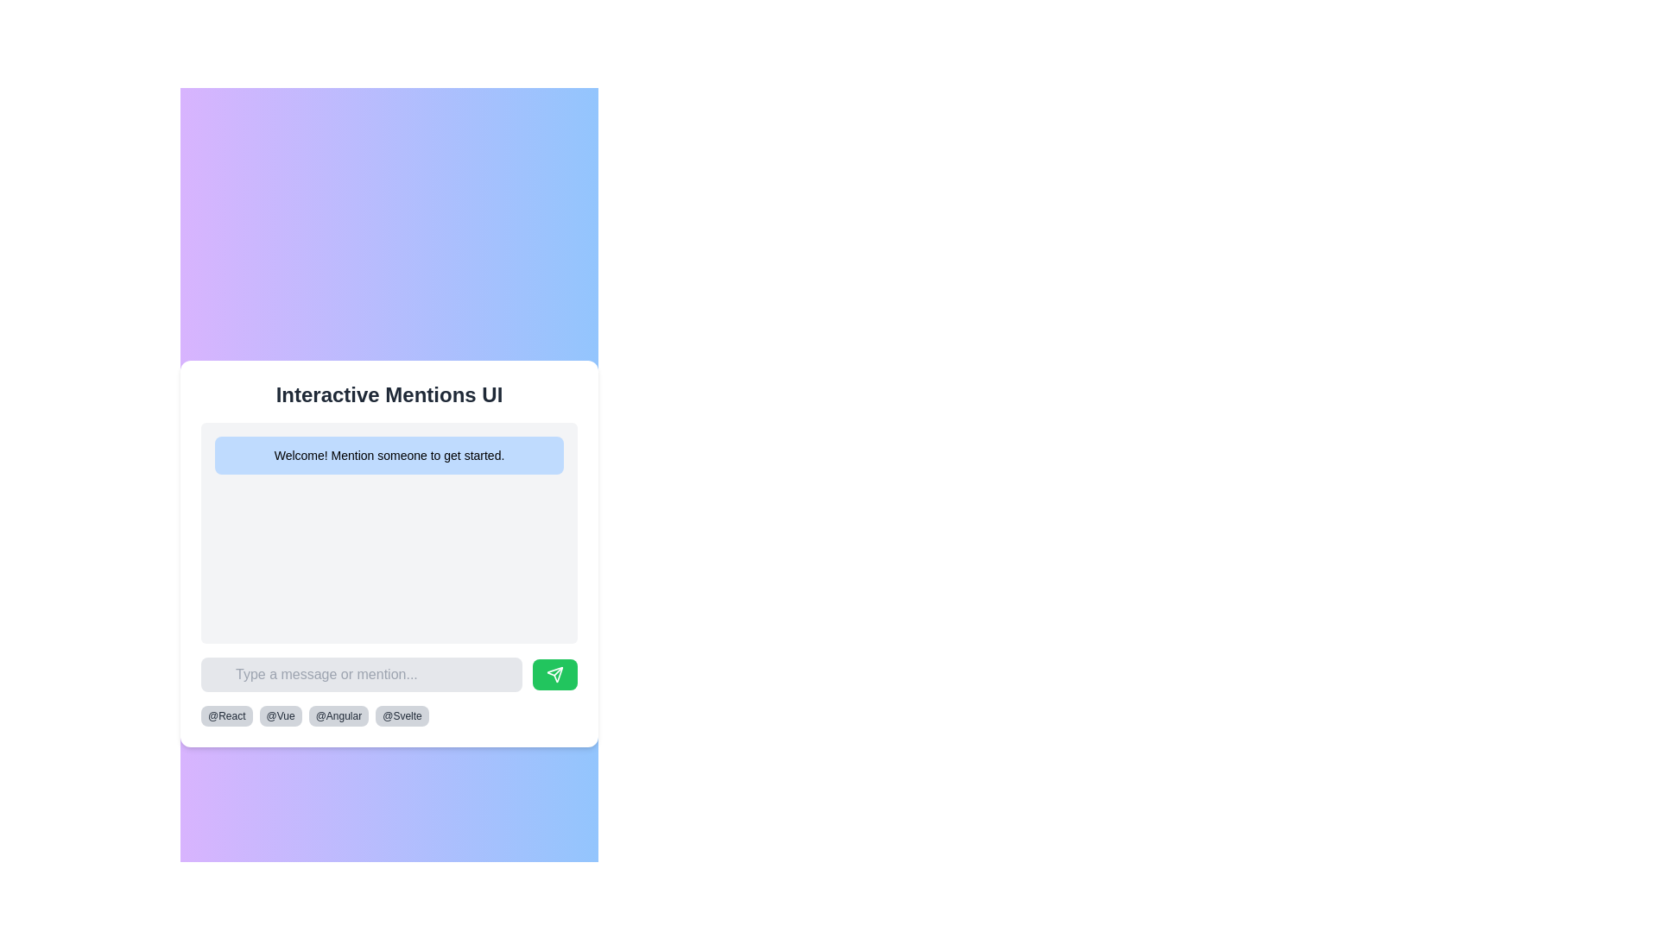 Image resolution: width=1658 pixels, height=932 pixels. I want to click on the text label that displays 'Welcome! Mention someone to get started.' which has a light blue background and rounded corners, located at the top-center of the interface, so click(389, 455).